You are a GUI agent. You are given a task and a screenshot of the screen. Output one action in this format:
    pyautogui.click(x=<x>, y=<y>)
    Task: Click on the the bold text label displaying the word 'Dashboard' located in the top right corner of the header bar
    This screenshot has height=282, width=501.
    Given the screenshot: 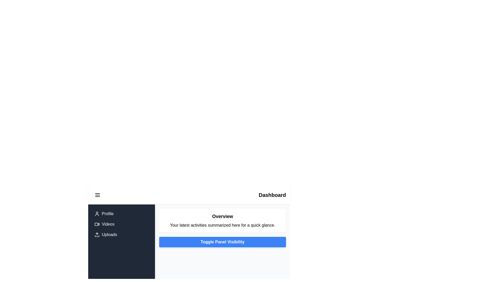 What is the action you would take?
    pyautogui.click(x=272, y=195)
    